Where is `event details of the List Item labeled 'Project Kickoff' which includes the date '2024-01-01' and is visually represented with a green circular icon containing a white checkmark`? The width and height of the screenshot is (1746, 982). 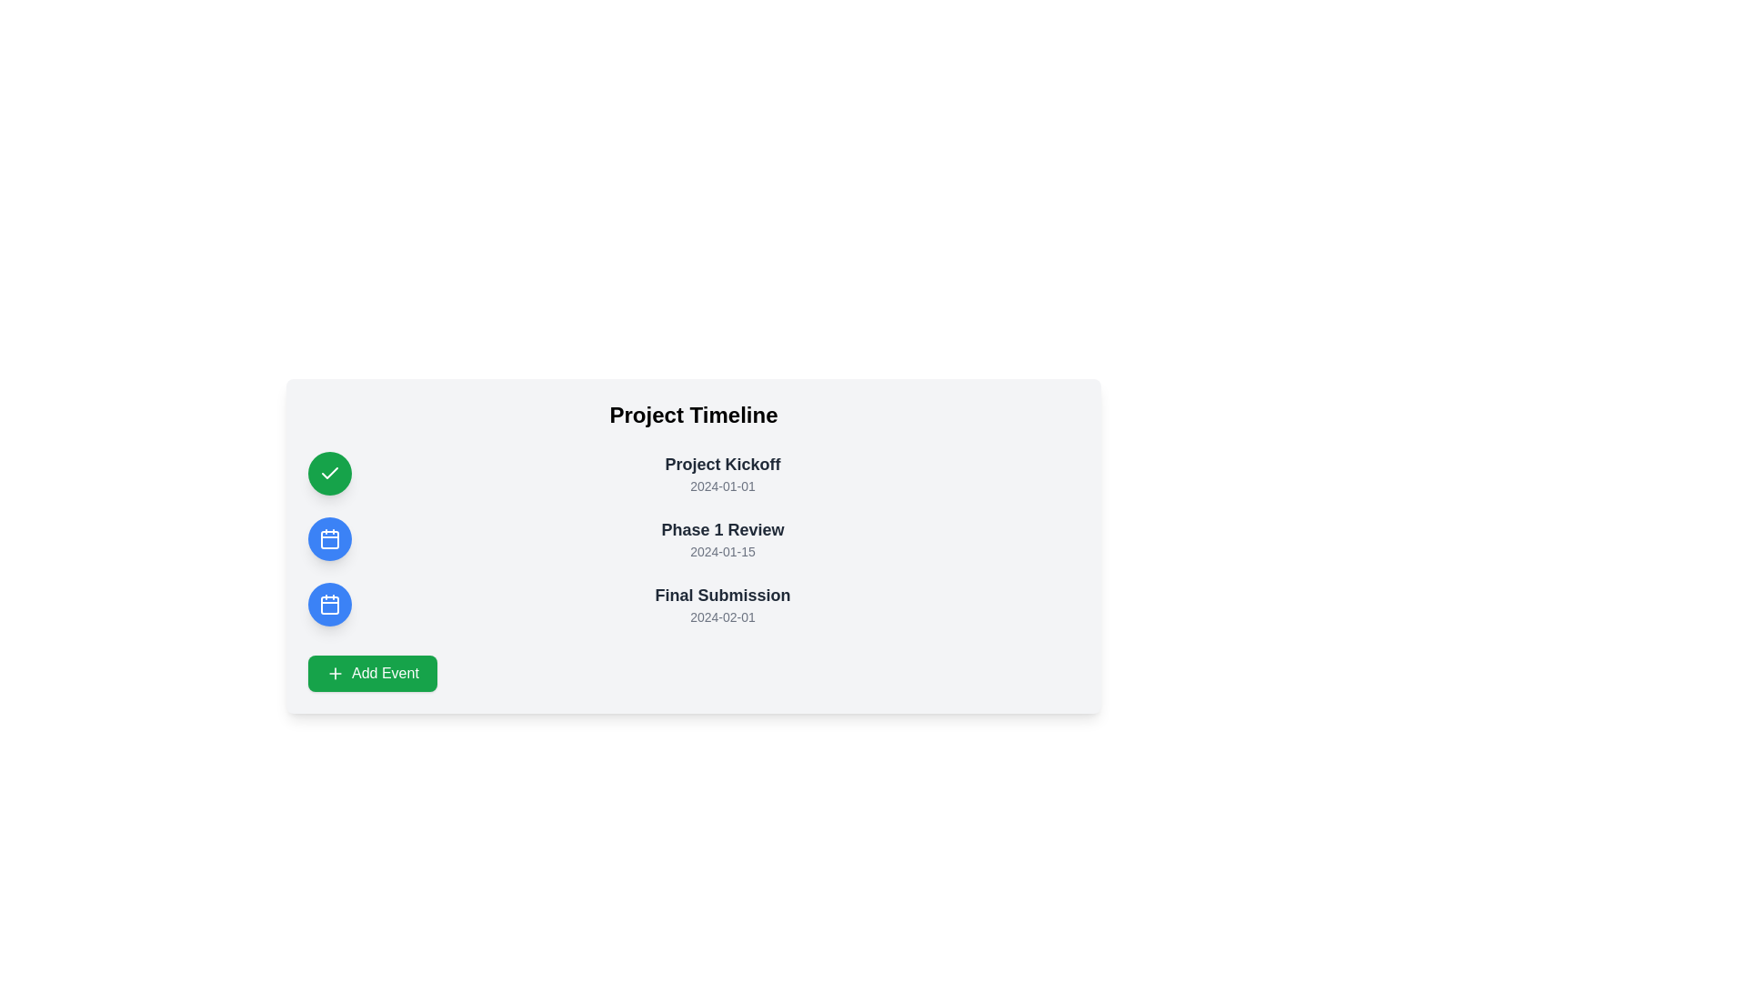 event details of the List Item labeled 'Project Kickoff' which includes the date '2024-01-01' and is visually represented with a green circular icon containing a white checkmark is located at coordinates (693, 472).